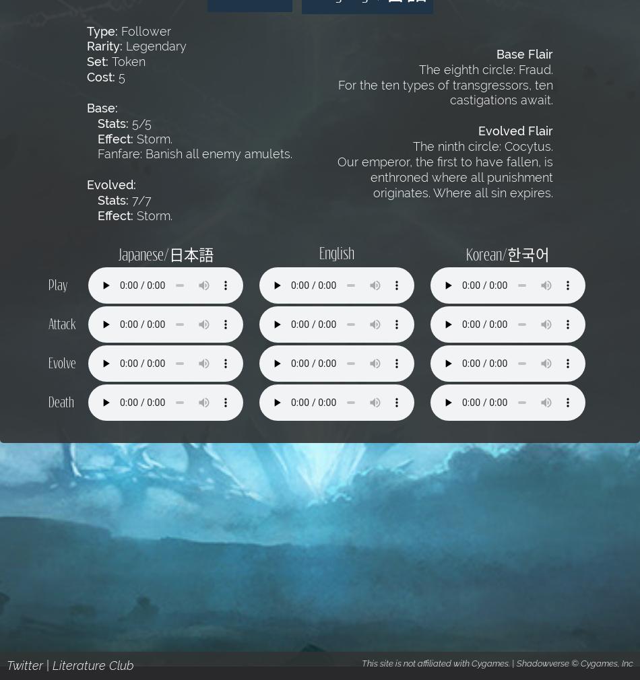 The width and height of the screenshot is (640, 680). Describe the element at coordinates (61, 362) in the screenshot. I see `'Evolve'` at that location.